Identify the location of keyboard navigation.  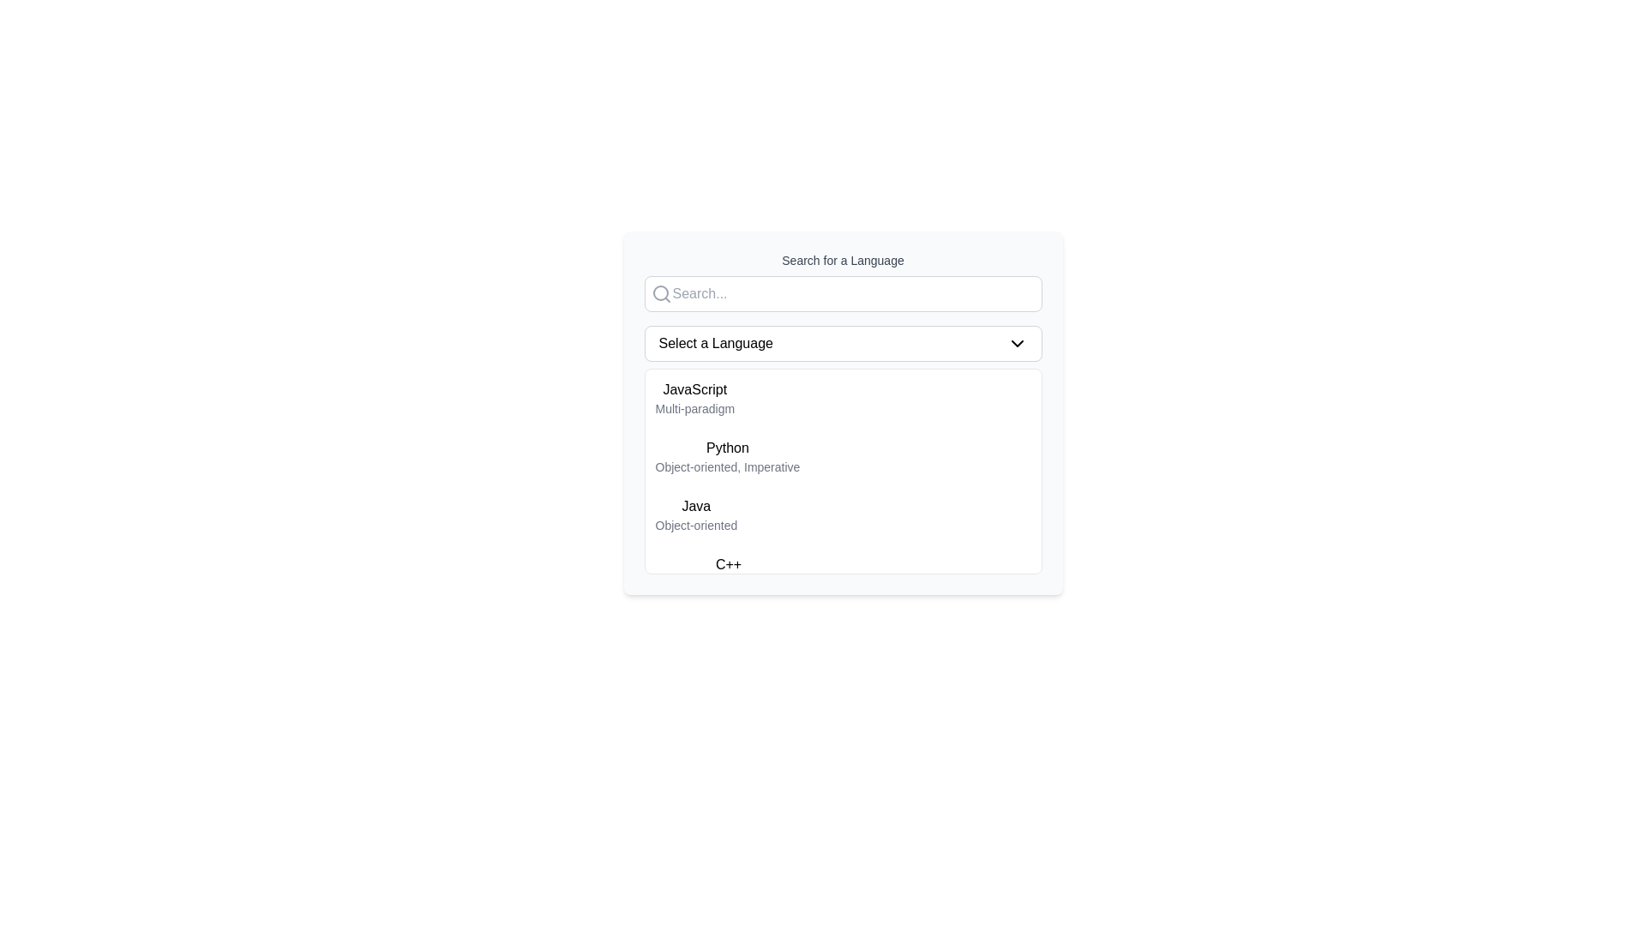
(843, 472).